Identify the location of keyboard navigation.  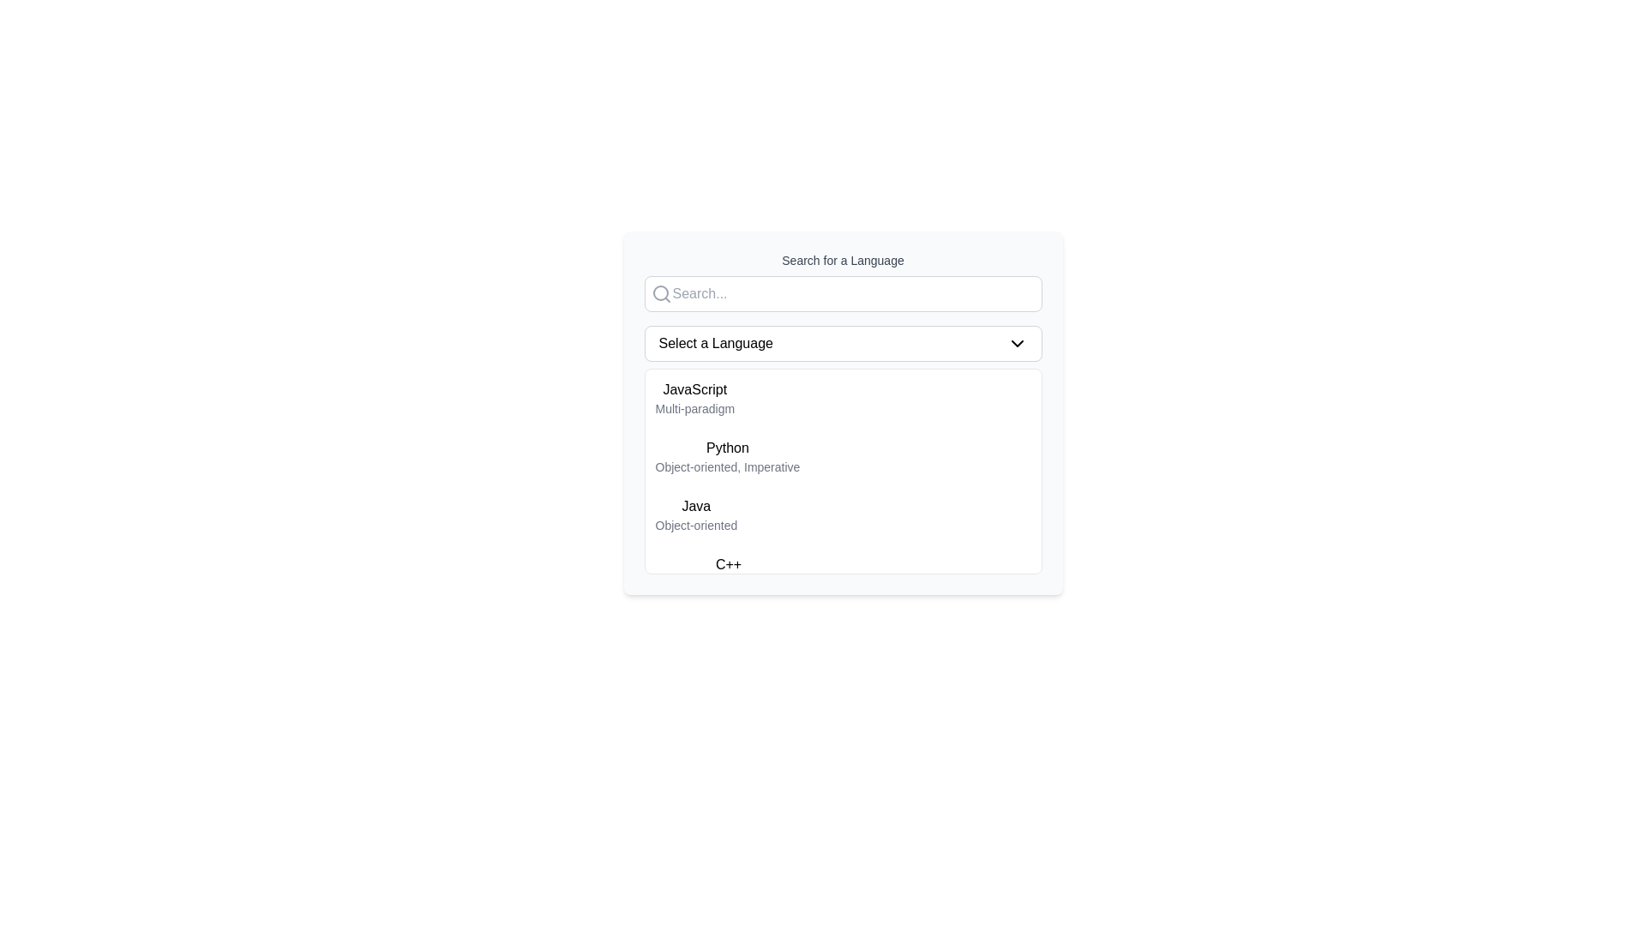
(843, 472).